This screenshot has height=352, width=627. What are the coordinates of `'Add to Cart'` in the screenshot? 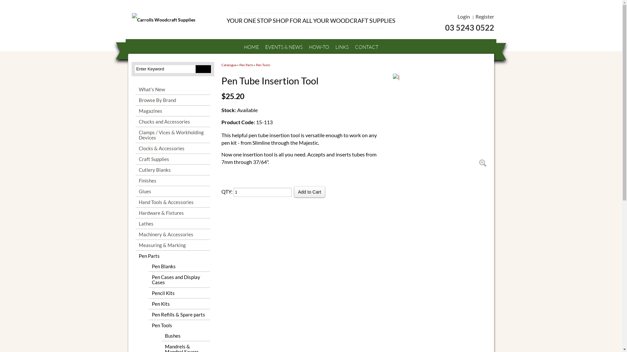 It's located at (309, 192).